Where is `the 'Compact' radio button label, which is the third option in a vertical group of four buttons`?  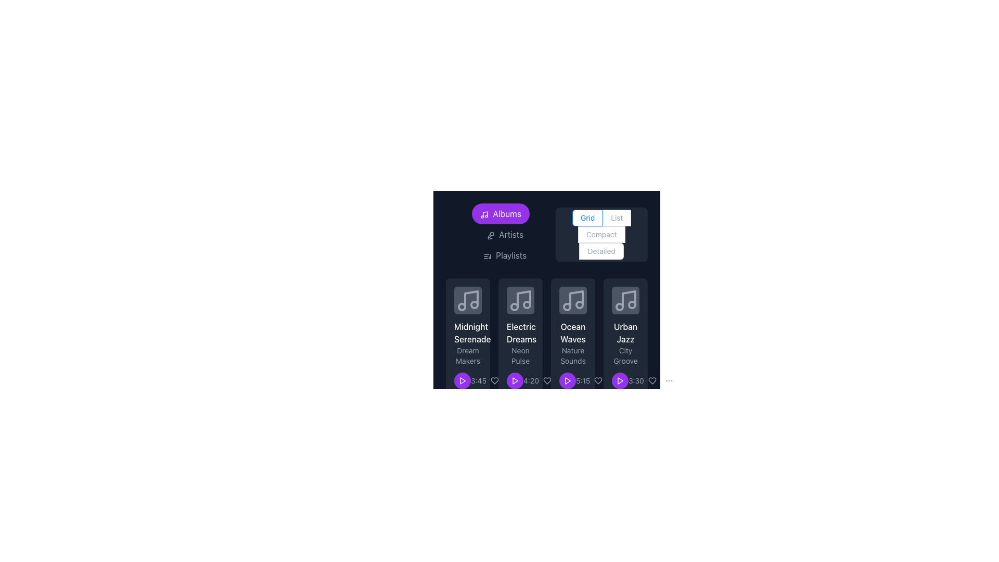 the 'Compact' radio button label, which is the third option in a vertical group of four buttons is located at coordinates (601, 235).